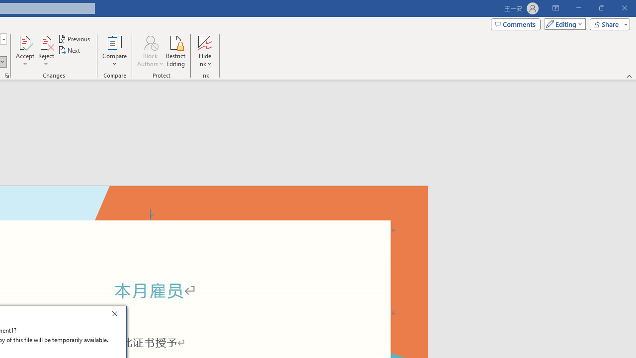 This screenshot has height=358, width=636. Describe the element at coordinates (25, 51) in the screenshot. I see `'Accept'` at that location.